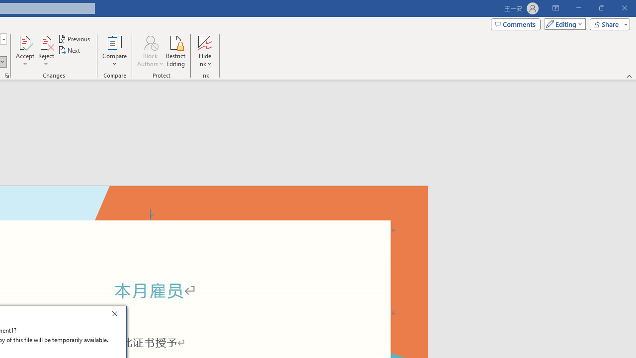 This screenshot has height=358, width=636. Describe the element at coordinates (25, 51) in the screenshot. I see `'Accept'` at that location.